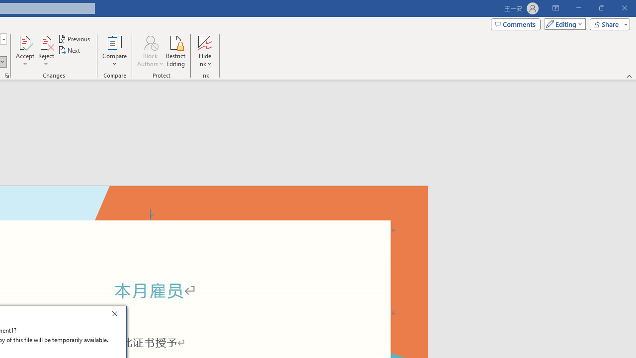 This screenshot has height=358, width=636. Describe the element at coordinates (25, 51) in the screenshot. I see `'Accept'` at that location.